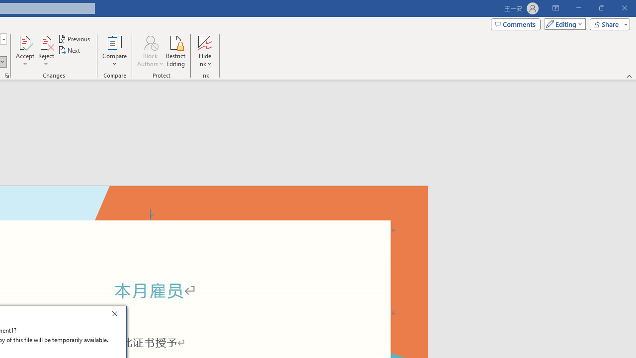 This screenshot has height=358, width=636. Describe the element at coordinates (25, 51) in the screenshot. I see `'Accept'` at that location.